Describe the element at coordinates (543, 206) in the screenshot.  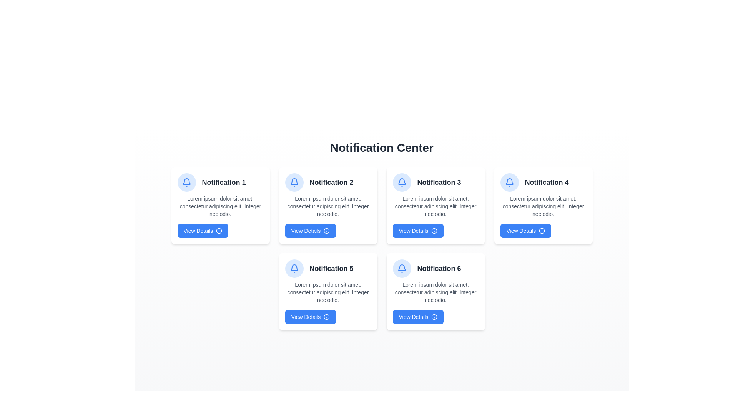
I see `the text block that displays a brief descriptive message for 'Notification 4', located beneath the title text and above the action button` at that location.